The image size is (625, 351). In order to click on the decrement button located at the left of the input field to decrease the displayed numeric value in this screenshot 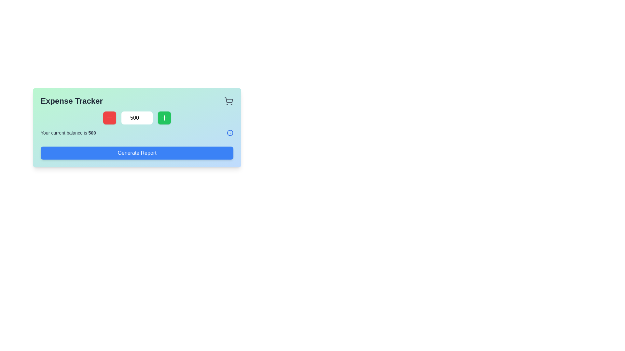, I will do `click(109, 118)`.